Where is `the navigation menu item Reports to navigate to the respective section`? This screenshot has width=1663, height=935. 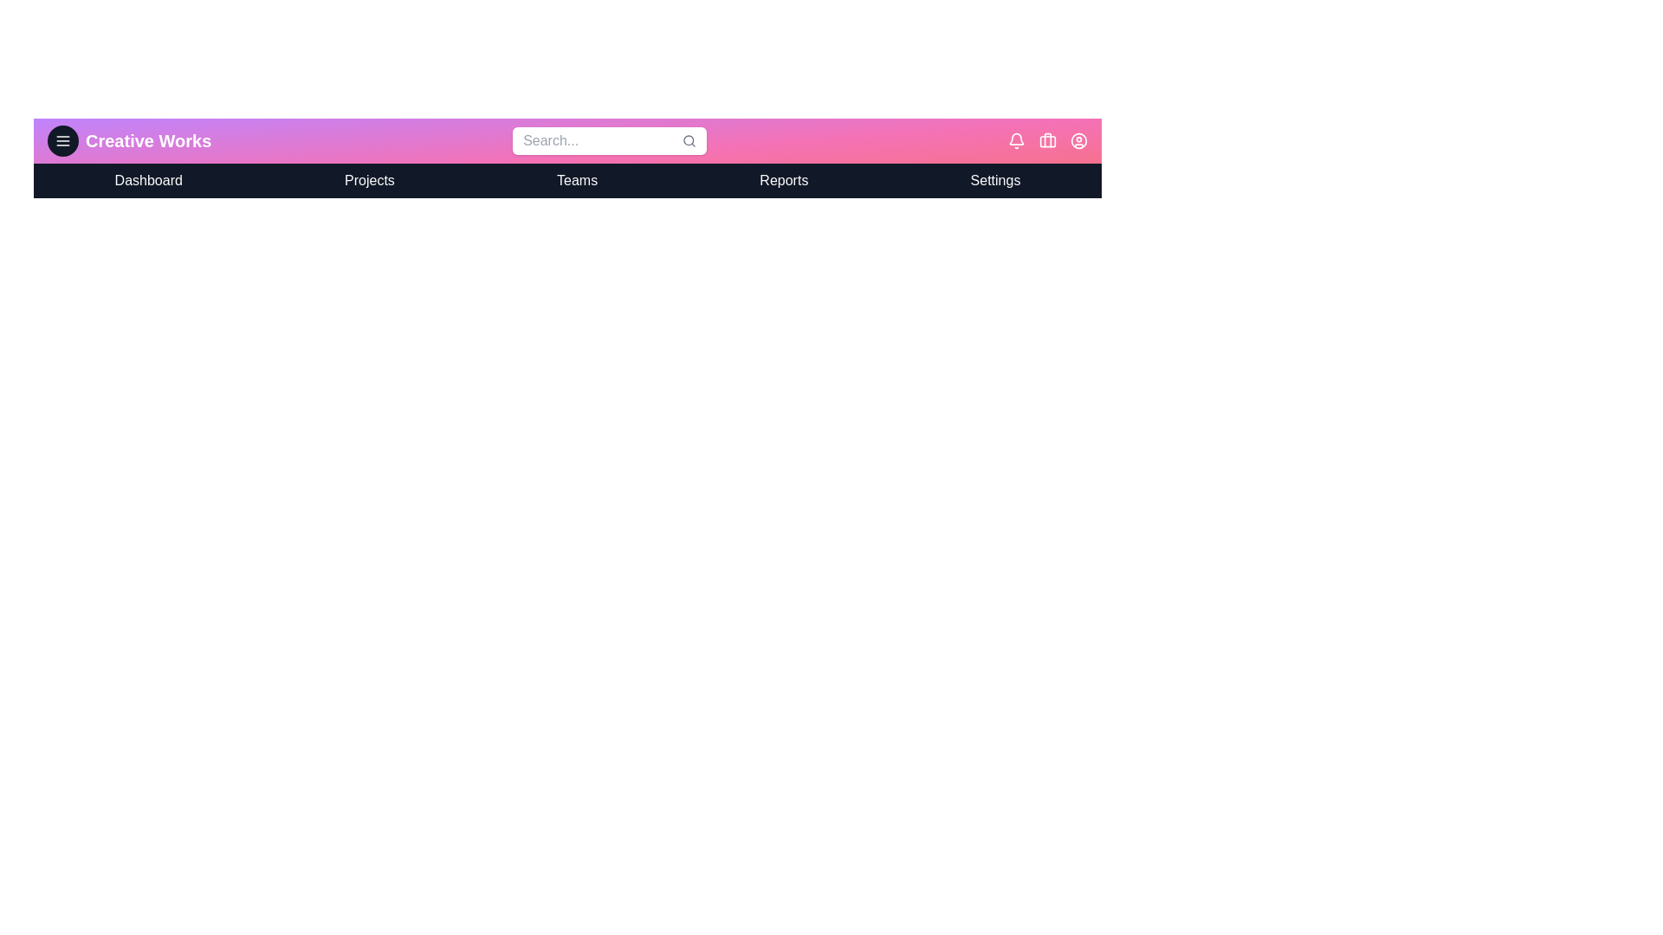
the navigation menu item Reports to navigate to the respective section is located at coordinates (783, 180).